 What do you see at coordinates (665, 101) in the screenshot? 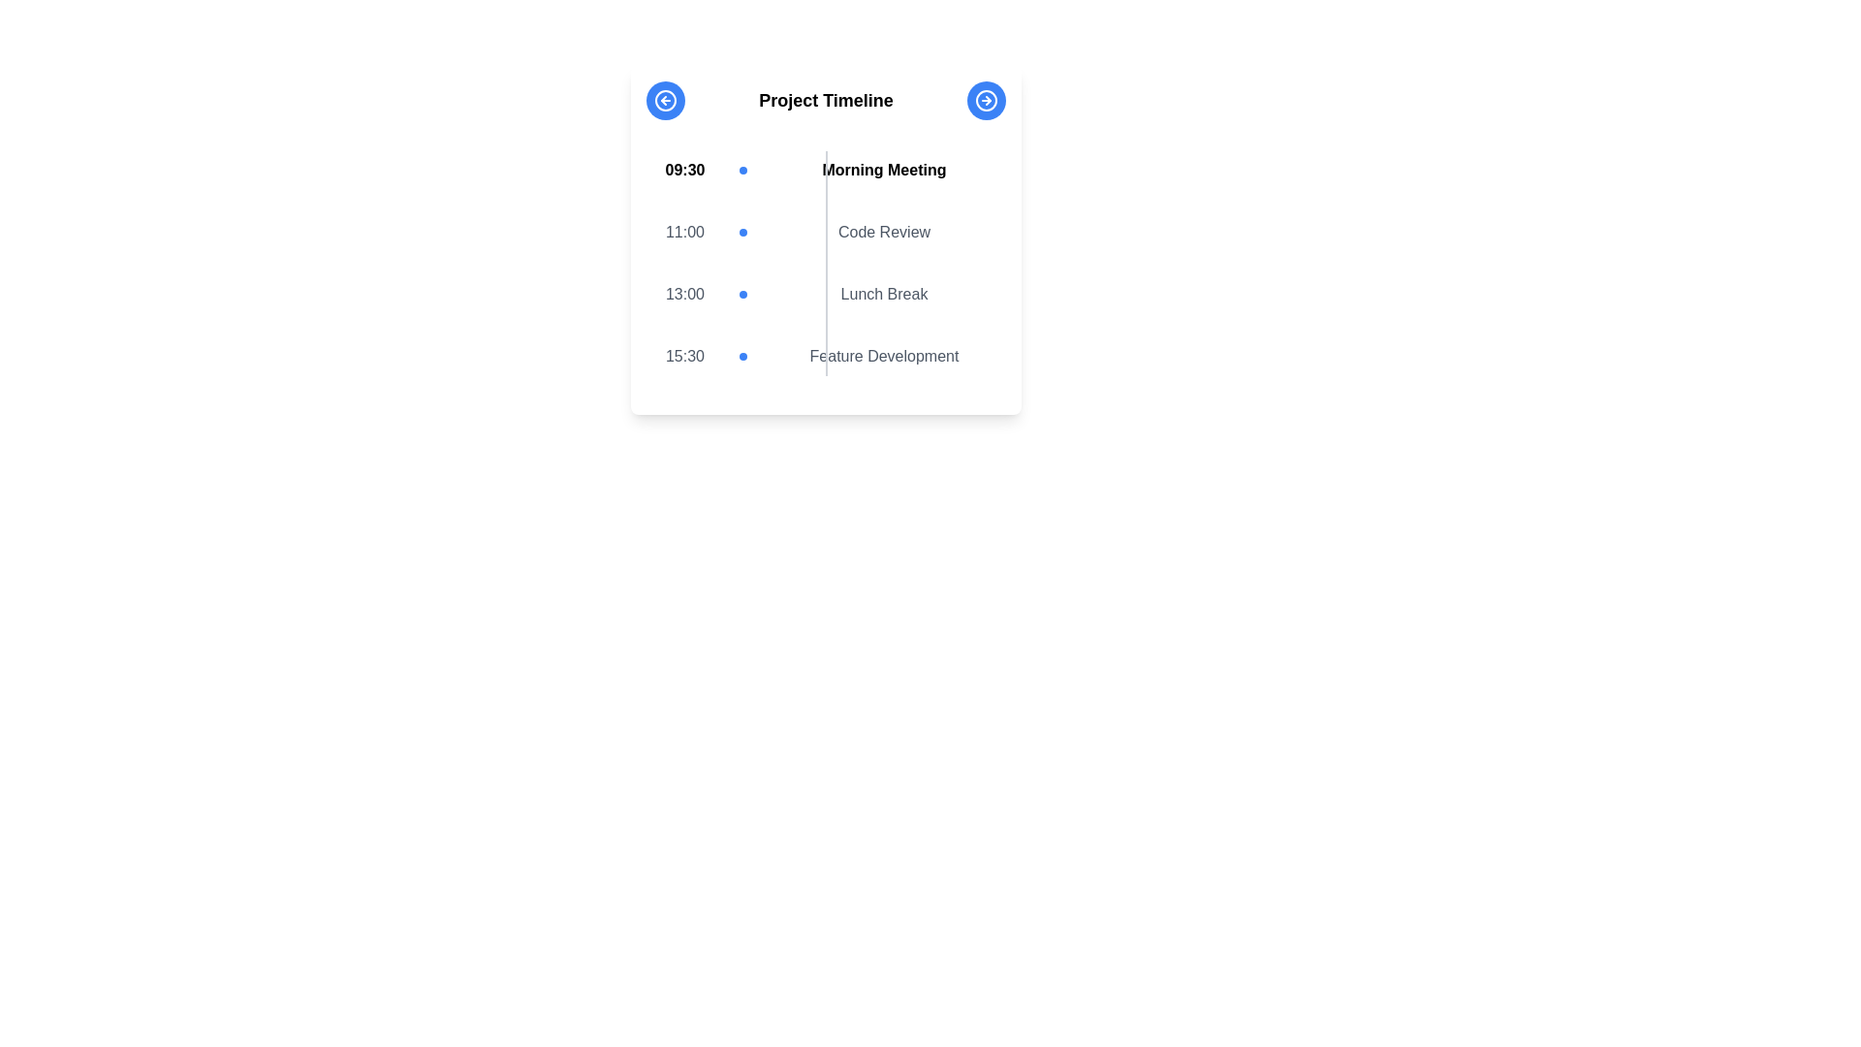
I see `the small, circular button with a blue background and a left-facing arrow icon` at bounding box center [665, 101].